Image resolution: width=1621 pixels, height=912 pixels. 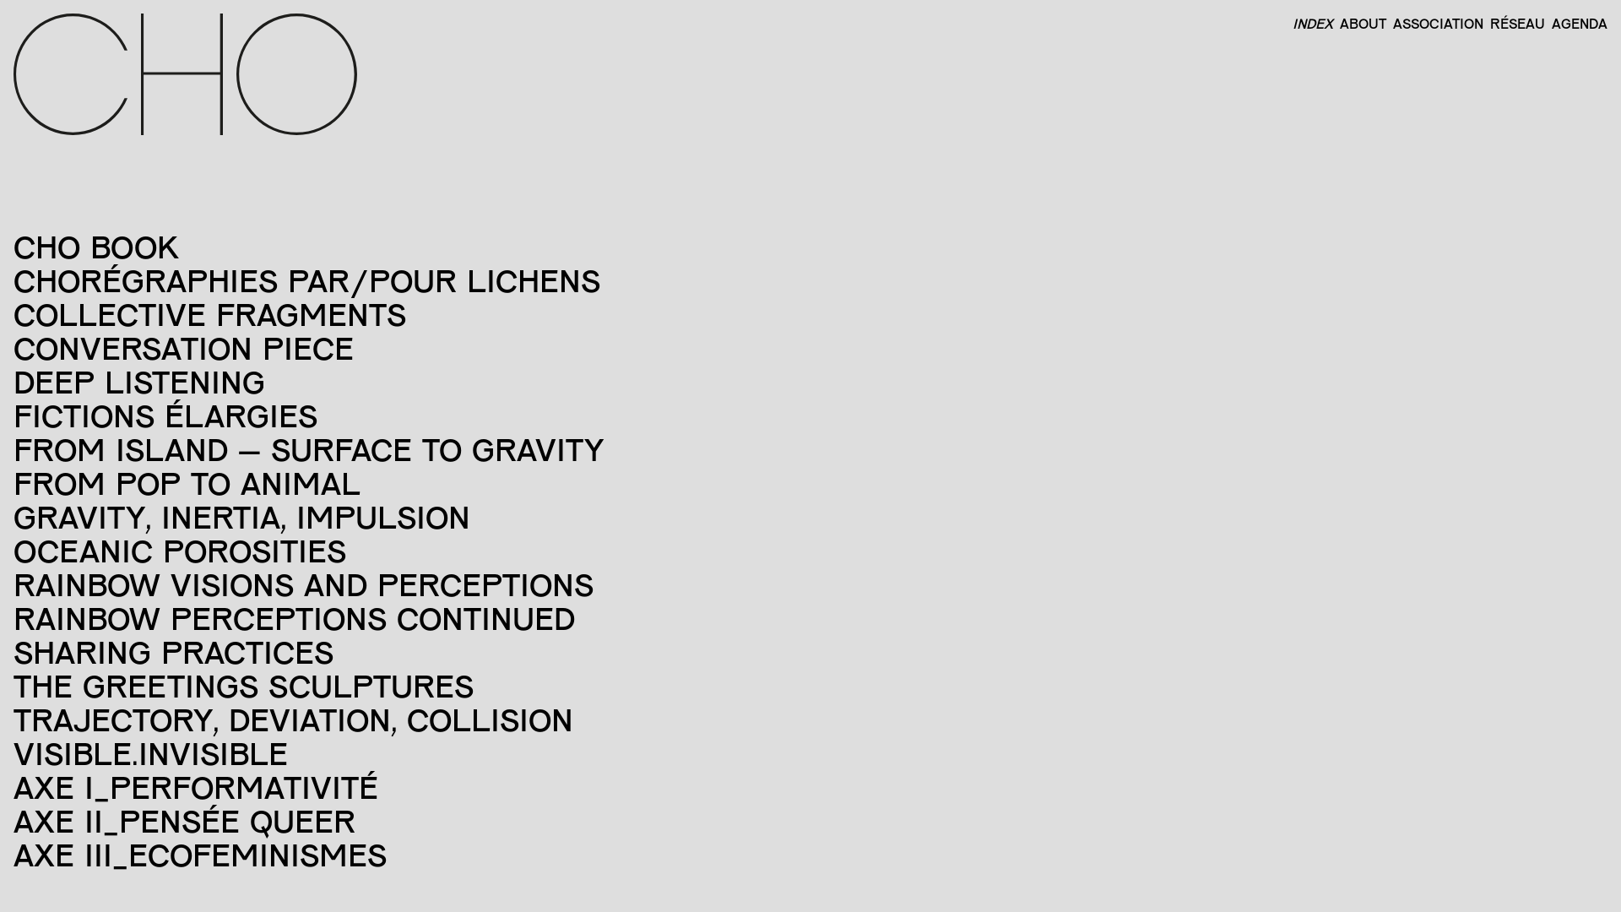 I want to click on 'AGENDA', so click(x=1575, y=23).